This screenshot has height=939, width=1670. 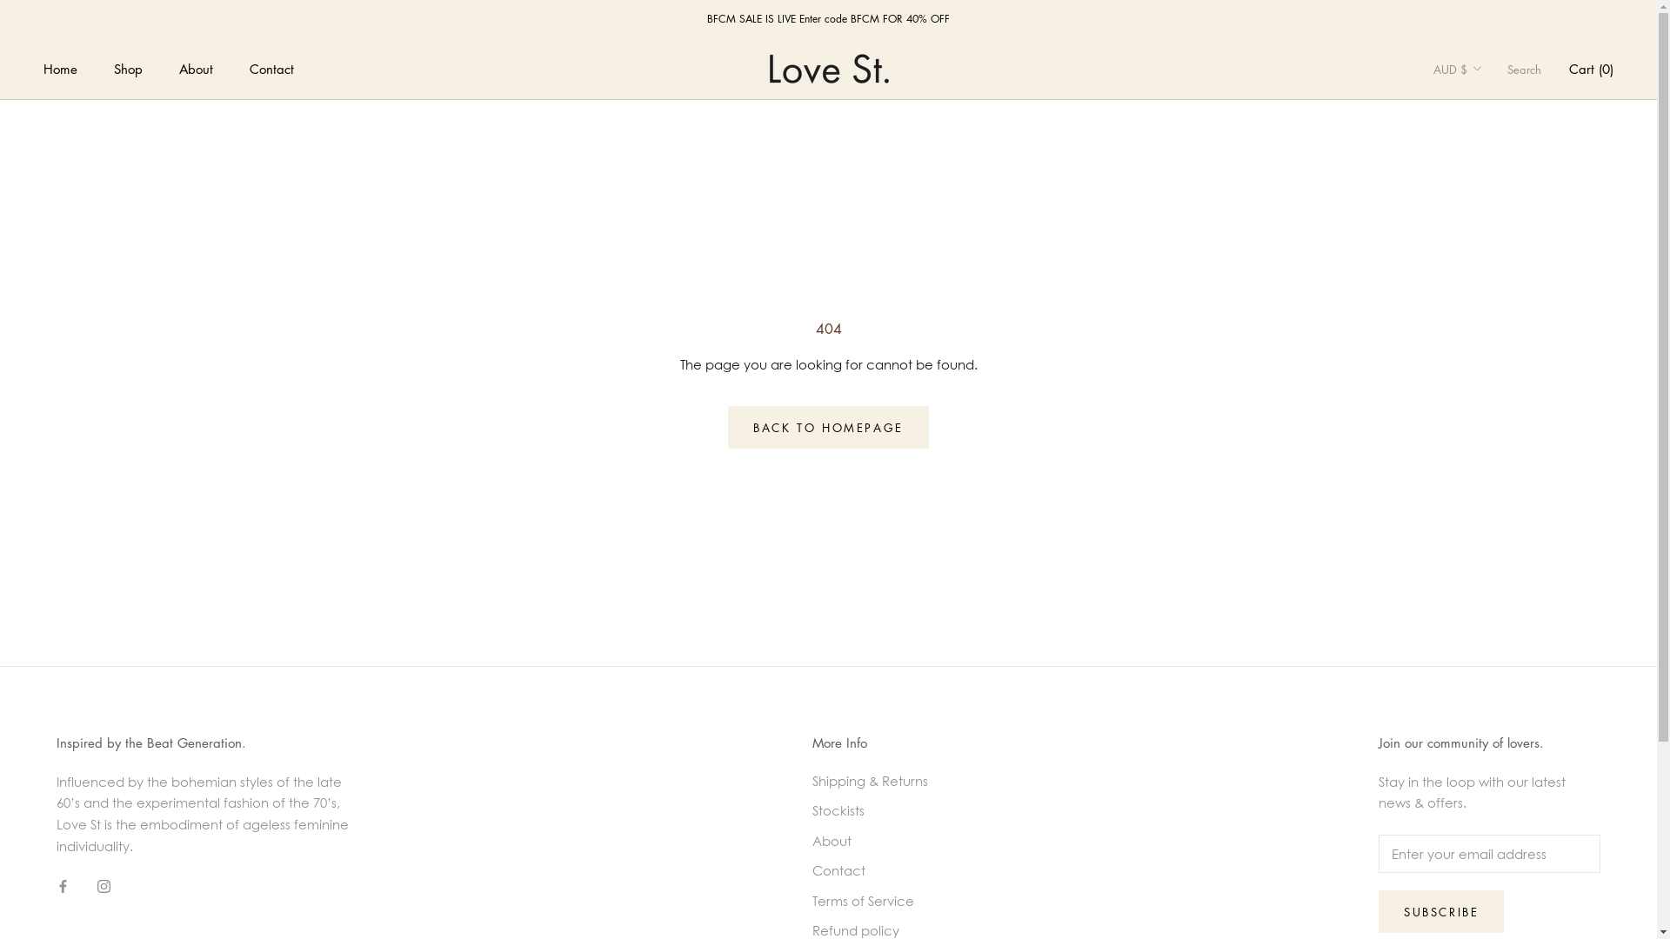 What do you see at coordinates (870, 810) in the screenshot?
I see `'Stockists'` at bounding box center [870, 810].